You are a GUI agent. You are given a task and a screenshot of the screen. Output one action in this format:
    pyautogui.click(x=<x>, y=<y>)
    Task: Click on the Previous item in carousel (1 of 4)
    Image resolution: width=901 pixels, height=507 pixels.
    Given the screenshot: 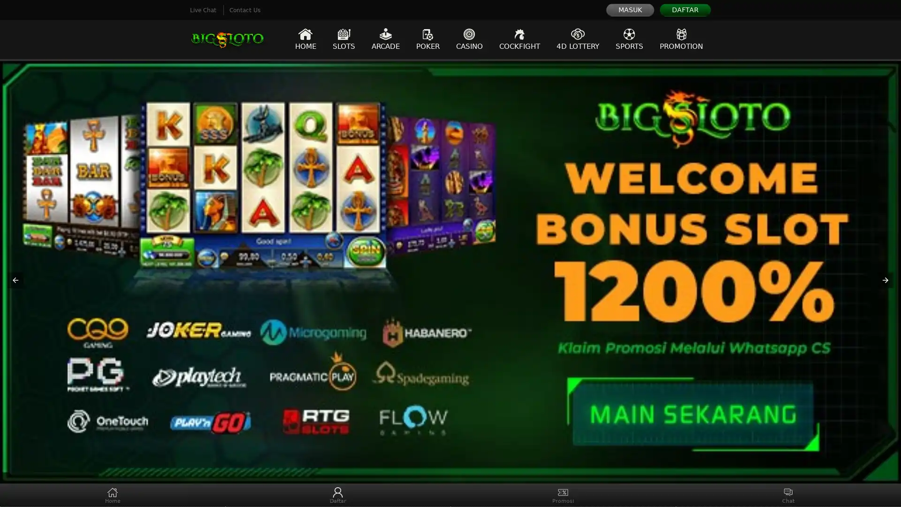 What is the action you would take?
    pyautogui.click(x=15, y=280)
    